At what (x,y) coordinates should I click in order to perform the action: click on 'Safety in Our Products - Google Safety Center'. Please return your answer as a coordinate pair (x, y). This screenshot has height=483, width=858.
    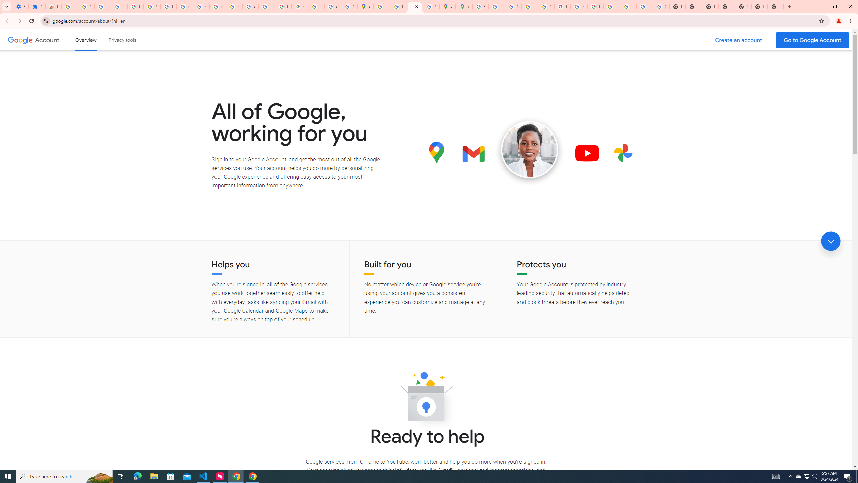
    Looking at the image, I should click on (431, 6).